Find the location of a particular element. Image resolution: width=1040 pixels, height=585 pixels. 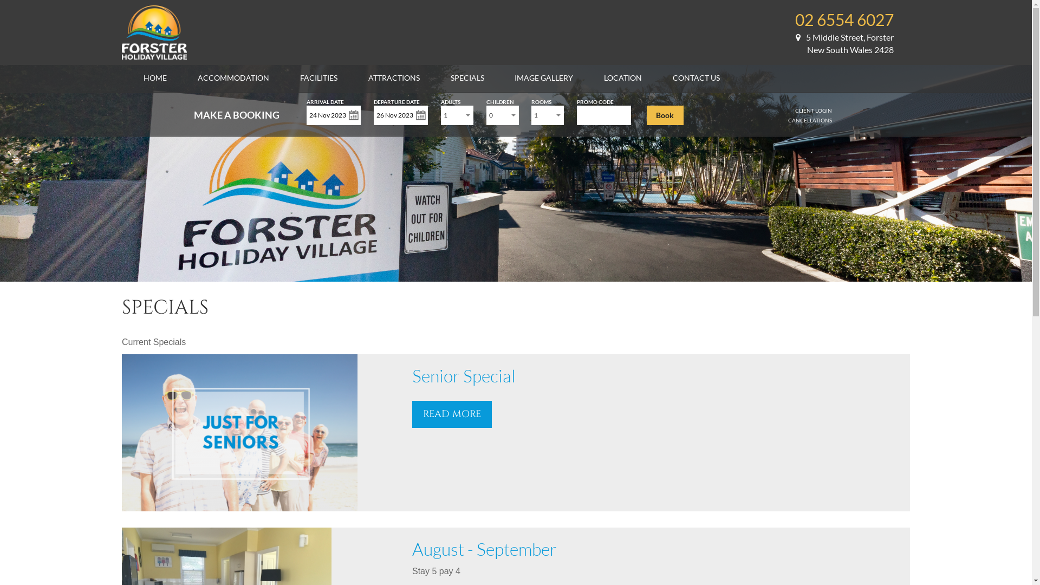

'Book' is located at coordinates (665, 115).